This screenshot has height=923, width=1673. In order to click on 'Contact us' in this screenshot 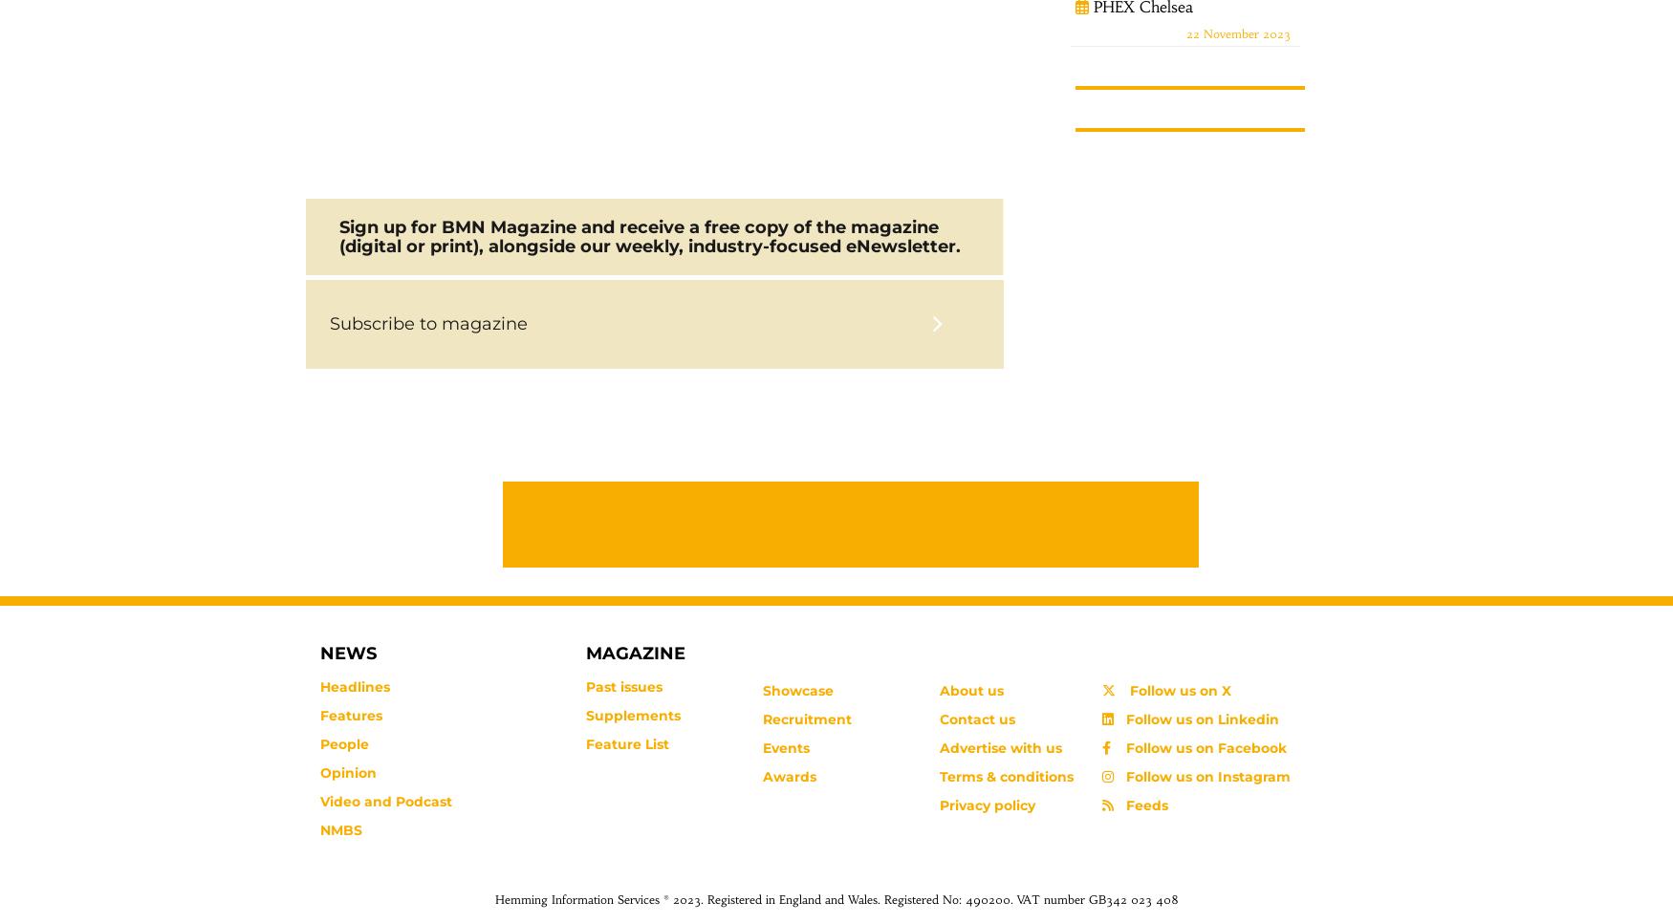, I will do `click(938, 719)`.